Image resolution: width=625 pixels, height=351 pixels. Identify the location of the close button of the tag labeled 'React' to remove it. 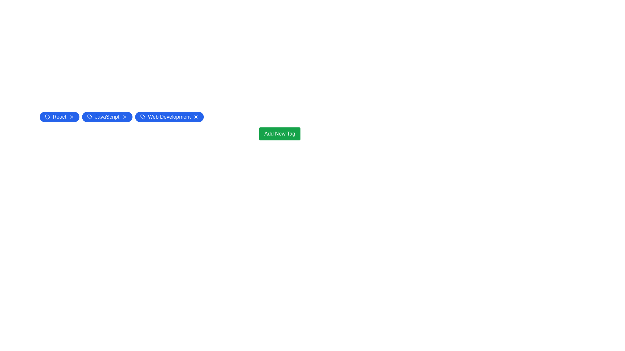
(71, 116).